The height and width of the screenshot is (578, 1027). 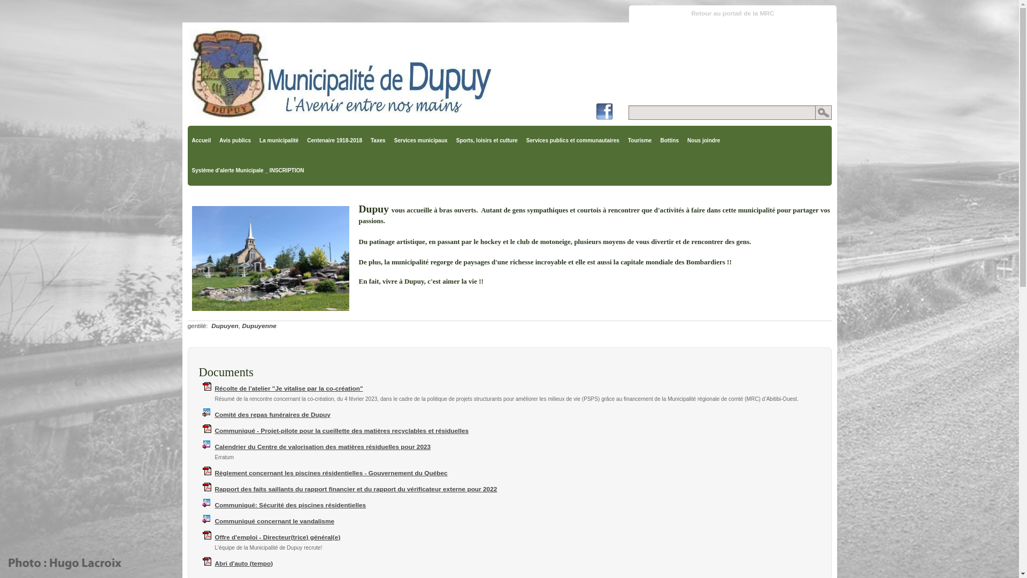 What do you see at coordinates (486, 140) in the screenshot?
I see `'Sports, loisirs et culture'` at bounding box center [486, 140].